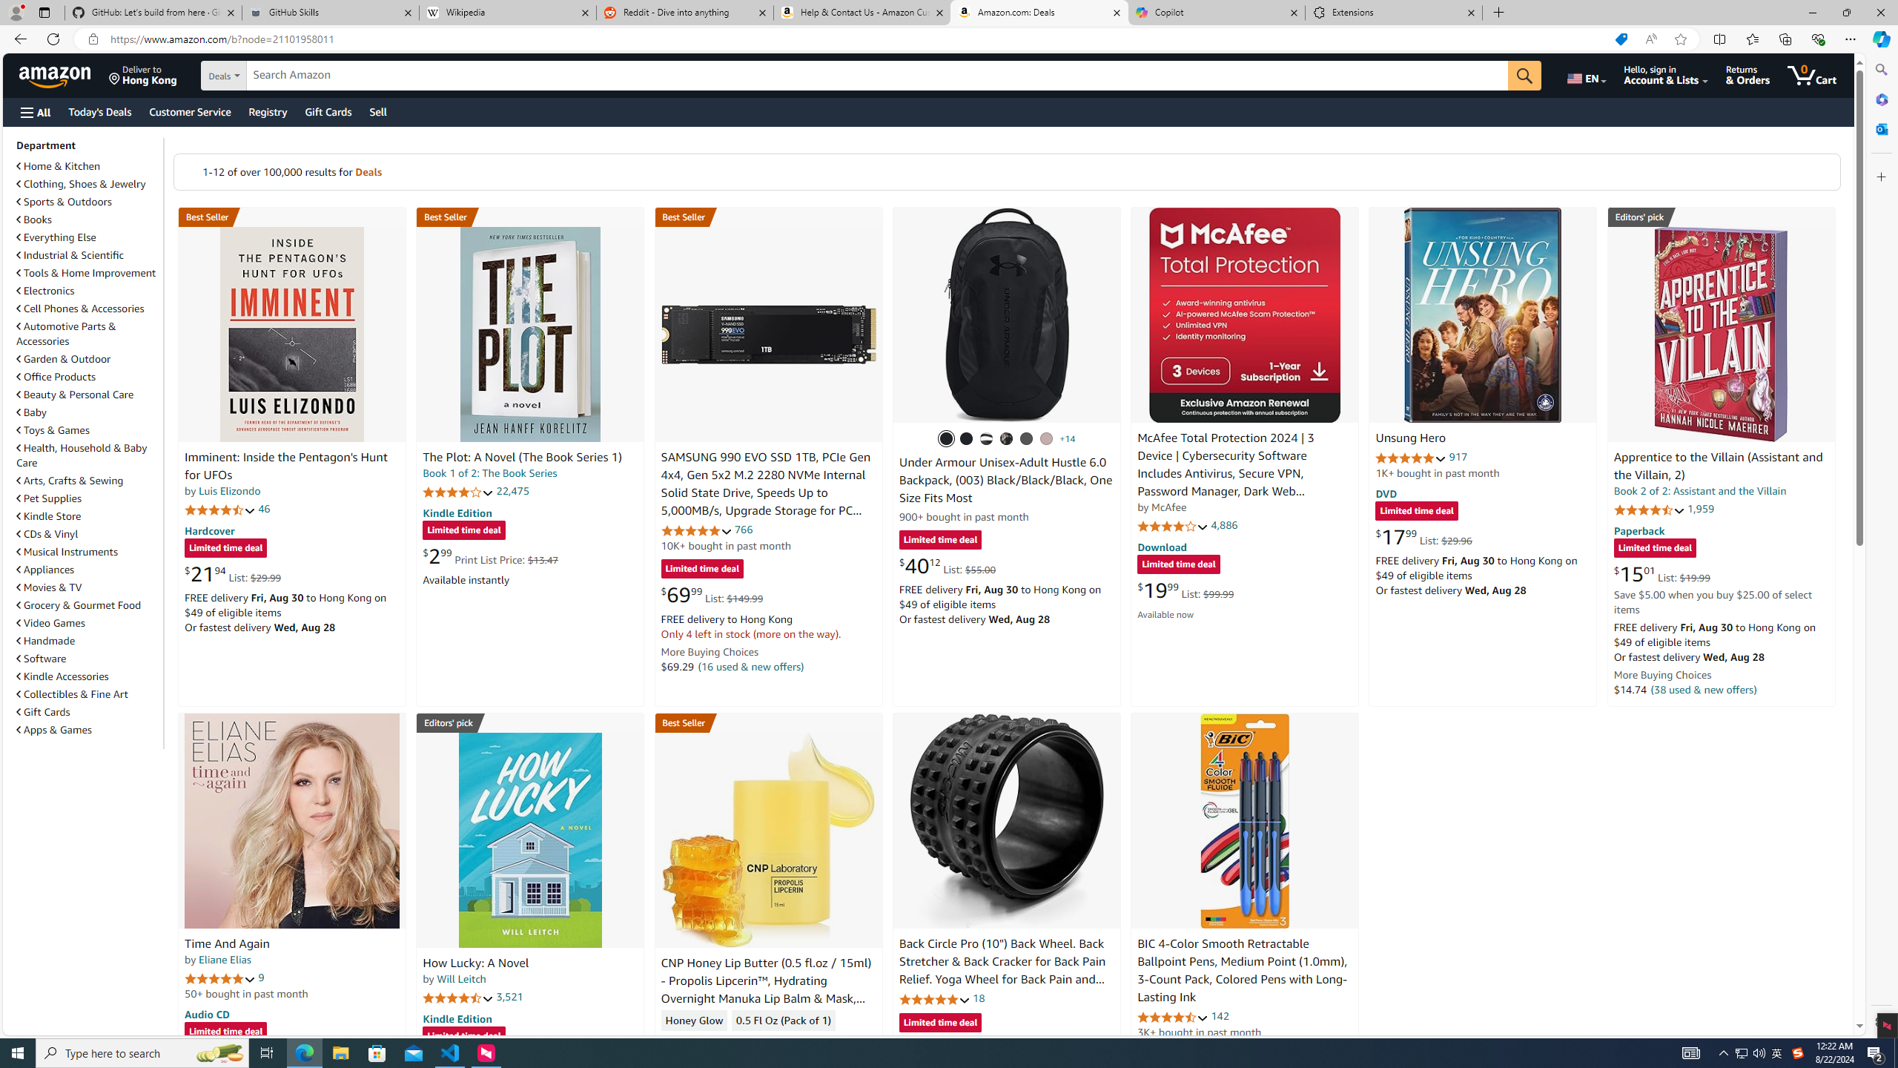  What do you see at coordinates (206, 1014) in the screenshot?
I see `'Audio CD'` at bounding box center [206, 1014].